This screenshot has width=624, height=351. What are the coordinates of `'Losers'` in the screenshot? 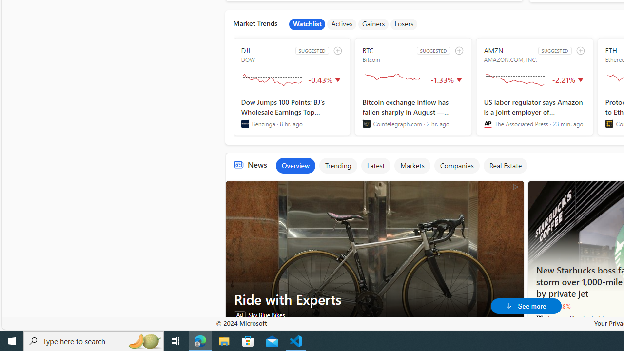 It's located at (404, 24).